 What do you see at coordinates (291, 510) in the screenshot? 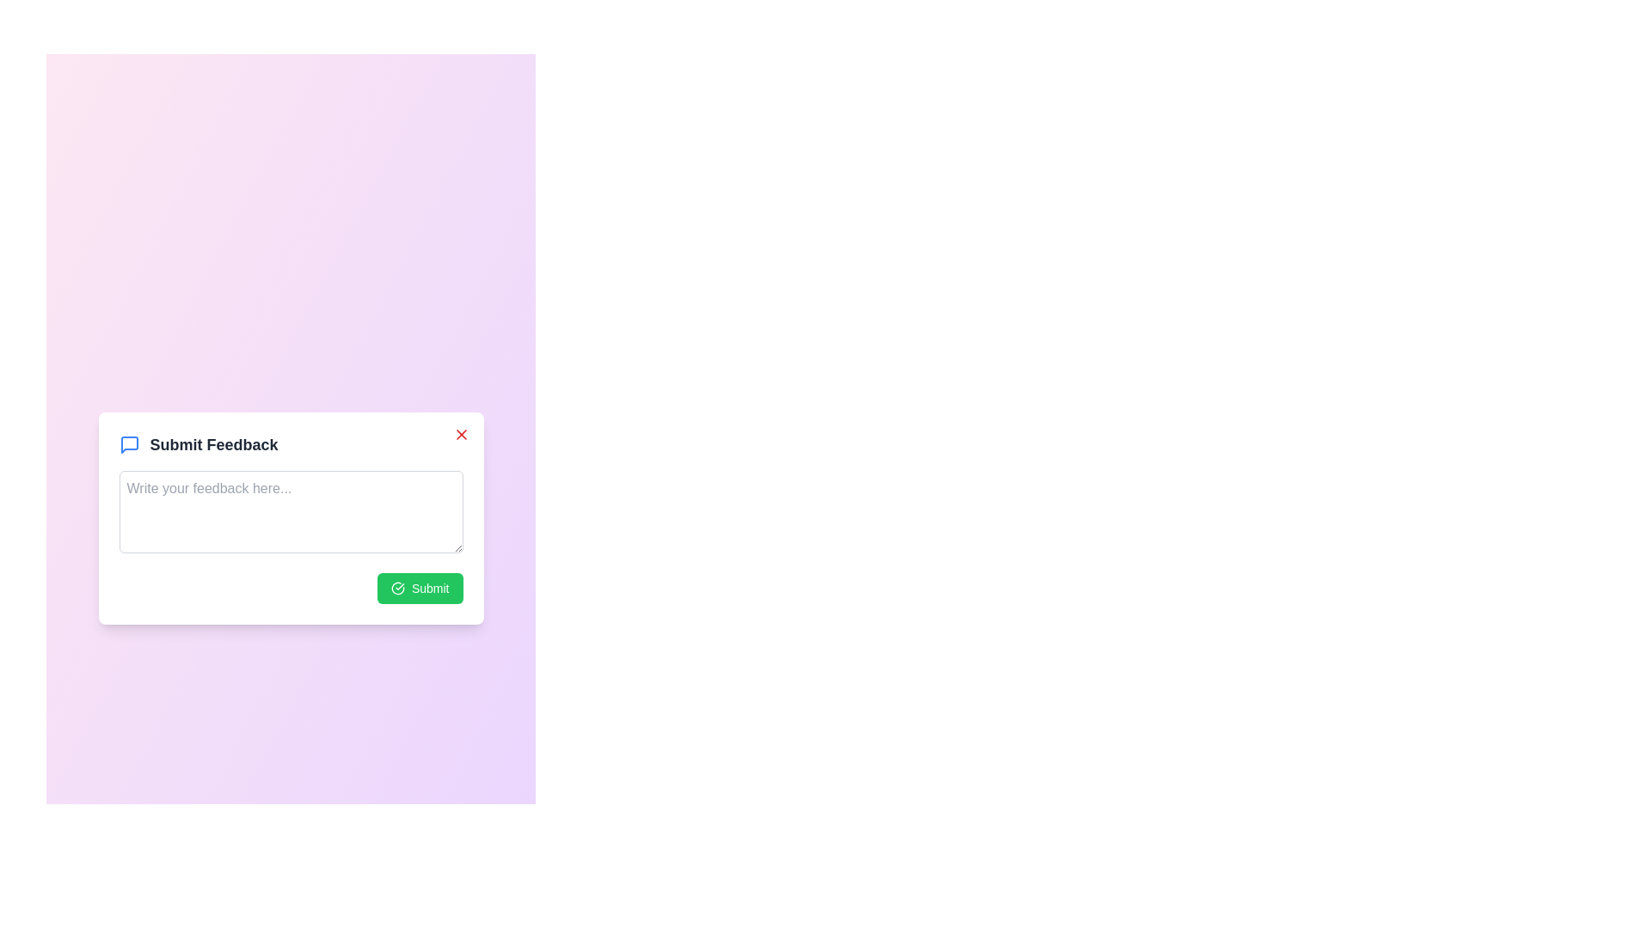
I see `the text area and type the feedback text` at bounding box center [291, 510].